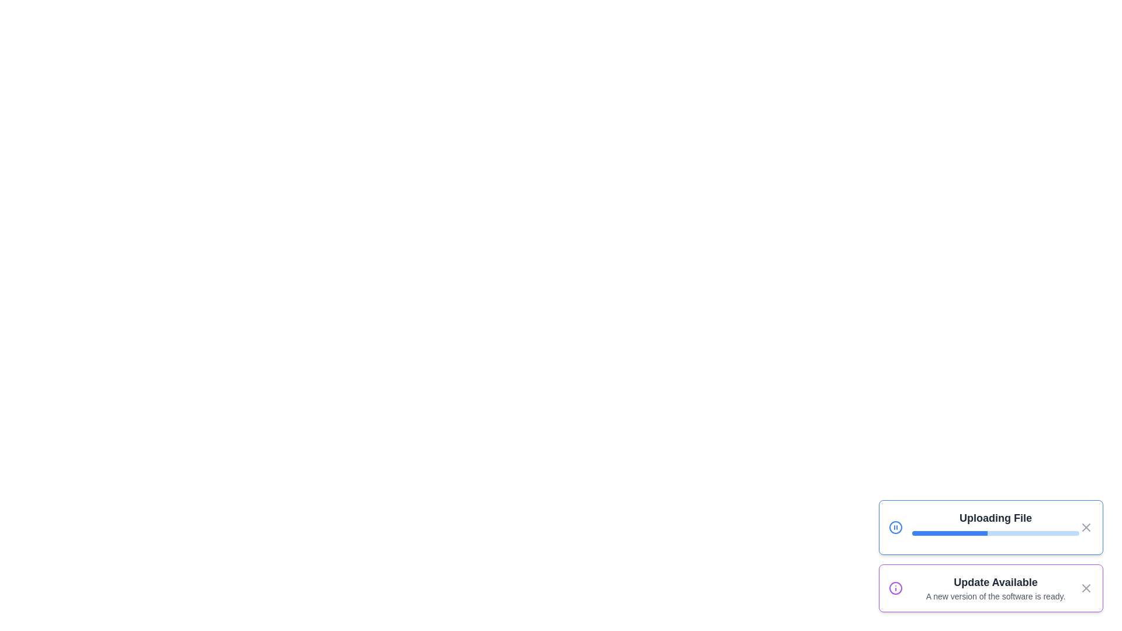 The width and height of the screenshot is (1122, 631). Describe the element at coordinates (995, 533) in the screenshot. I see `the progress bar of the 'Uploading File' notification to inspect its progress` at that location.